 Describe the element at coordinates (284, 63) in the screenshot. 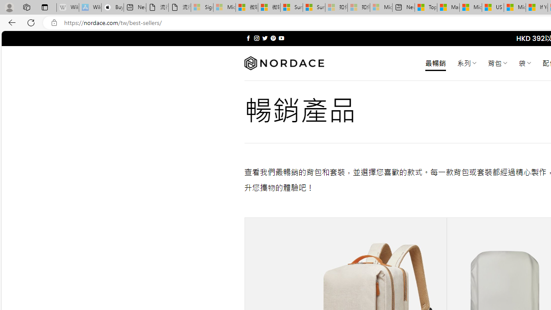

I see `'Nordace'` at that location.